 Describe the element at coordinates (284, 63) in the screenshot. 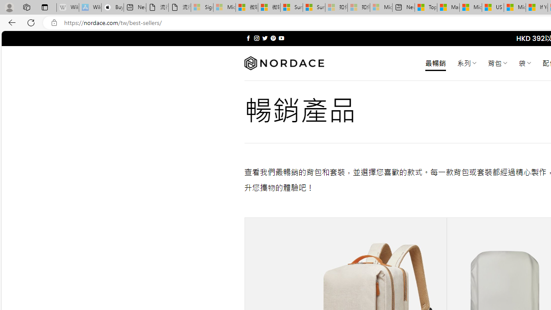

I see `'Nordace'` at that location.